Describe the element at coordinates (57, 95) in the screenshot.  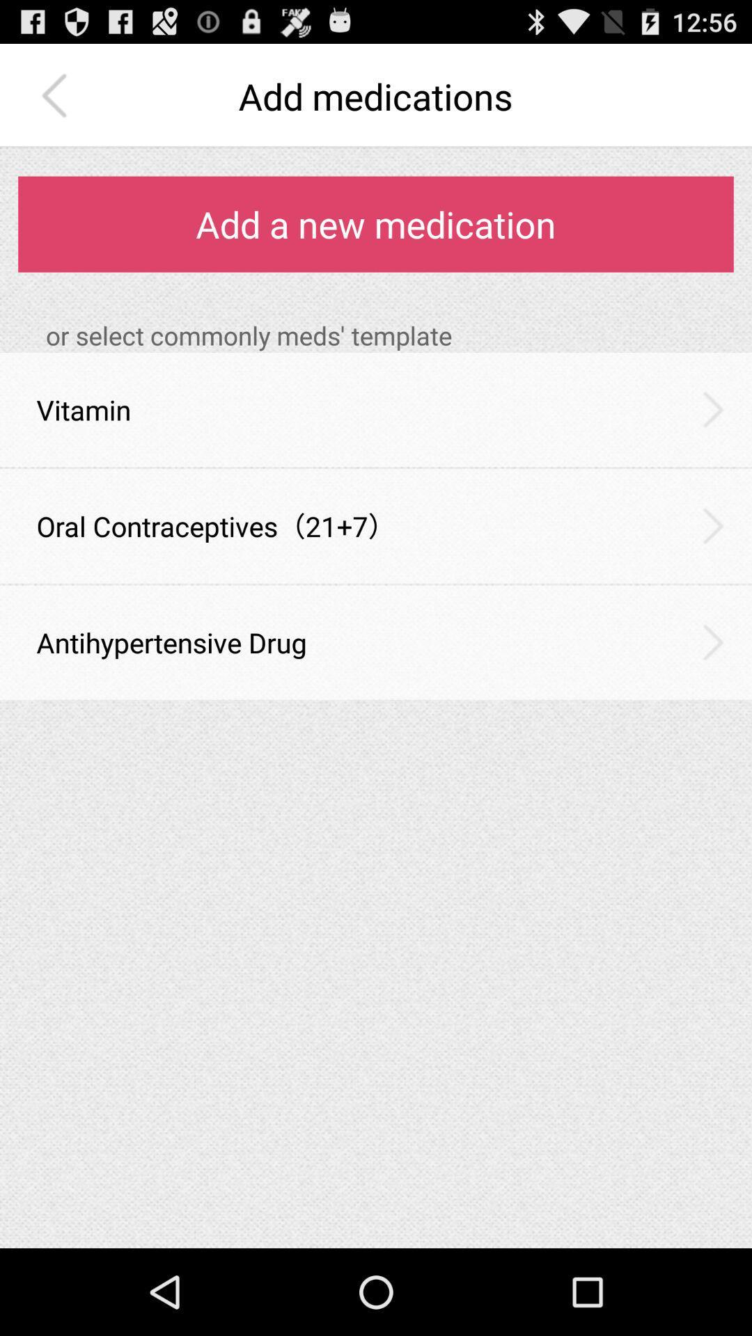
I see `the item next to add medications` at that location.